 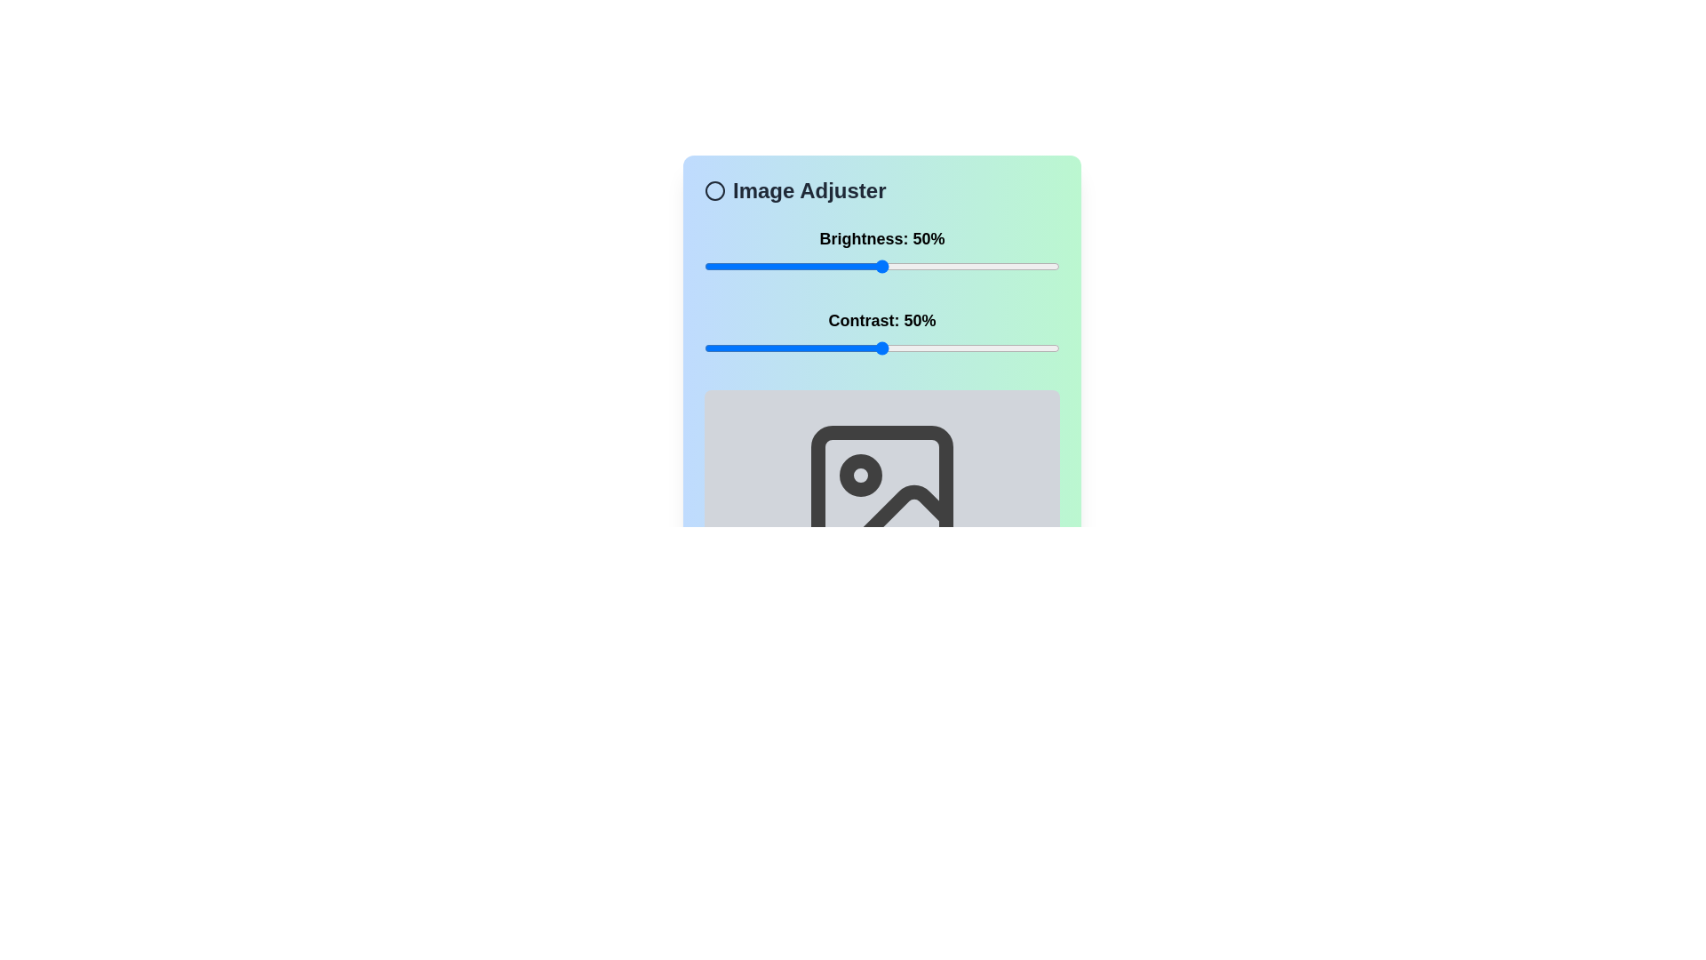 I want to click on the contrast slider to 51%, so click(x=886, y=348).